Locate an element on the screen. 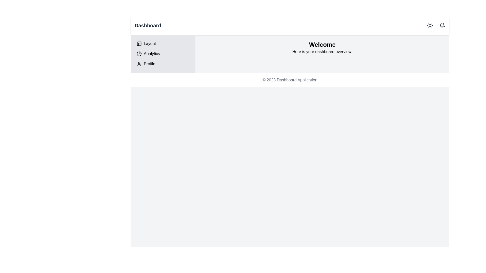 This screenshot has height=273, width=486. the 'Analytics' text label in the left-side navigation menu, which is the second item in the list after 'Layout' is located at coordinates (152, 54).